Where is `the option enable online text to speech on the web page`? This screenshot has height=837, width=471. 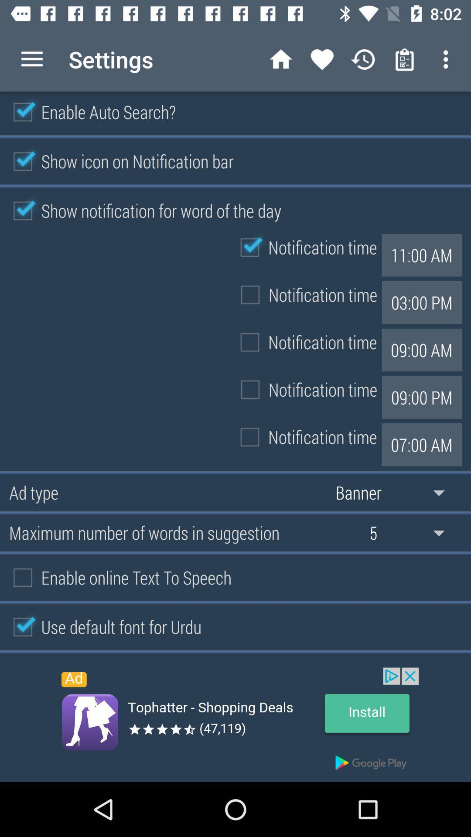
the option enable online text to speech on the web page is located at coordinates (118, 577).